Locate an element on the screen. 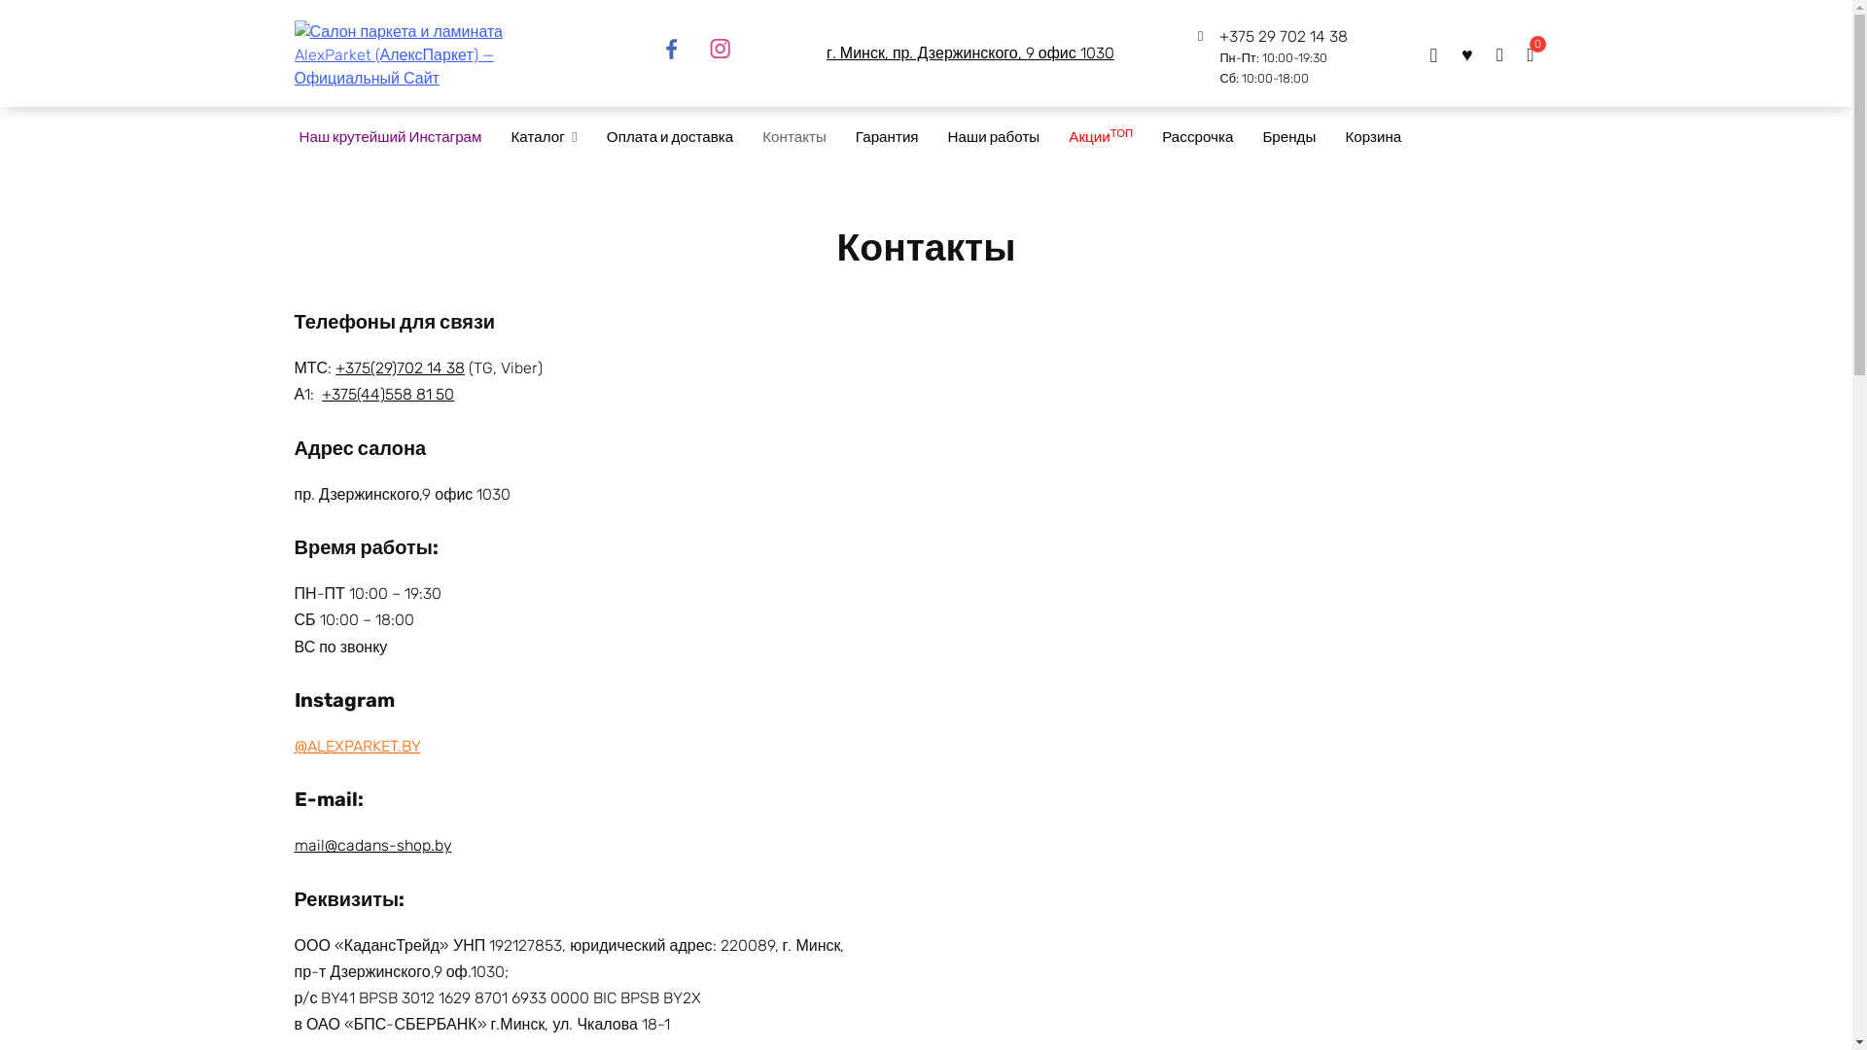  '0' is located at coordinates (1534, 52).